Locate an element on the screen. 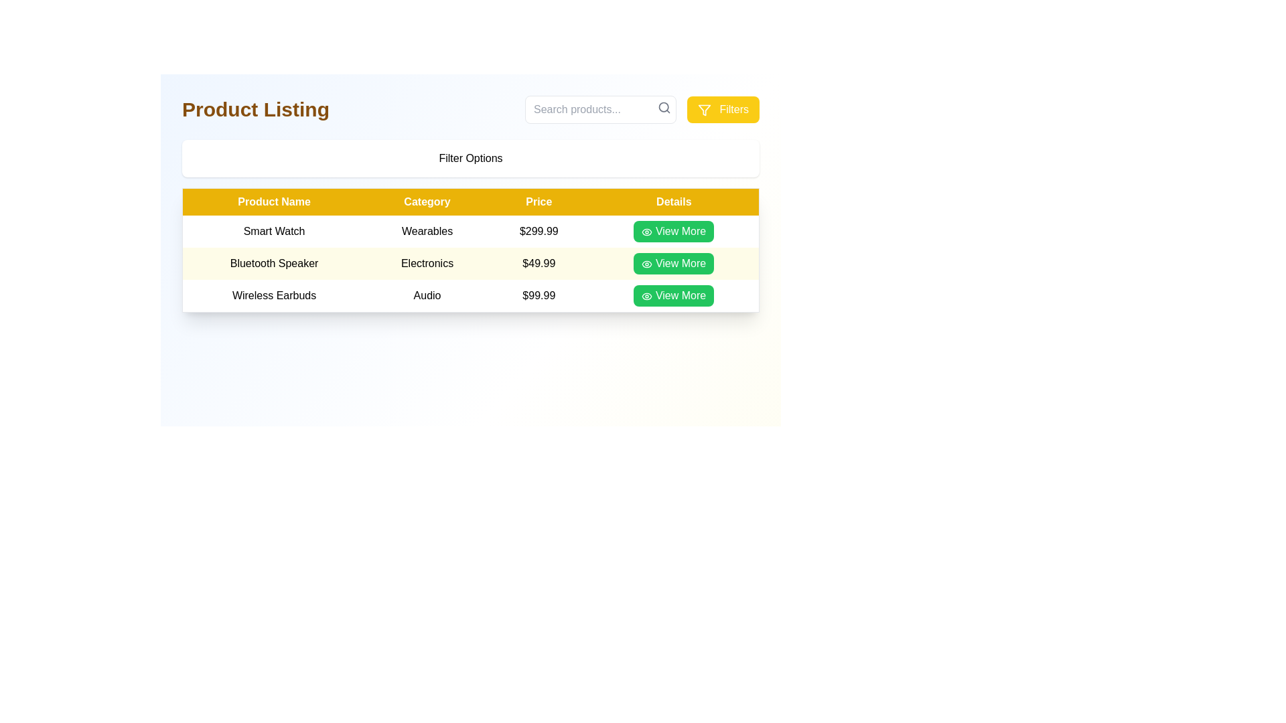 The width and height of the screenshot is (1286, 723). the 'Wireless Earbuds' text label in the 'Category' column of the 'Product Listing' table is located at coordinates (427, 295).